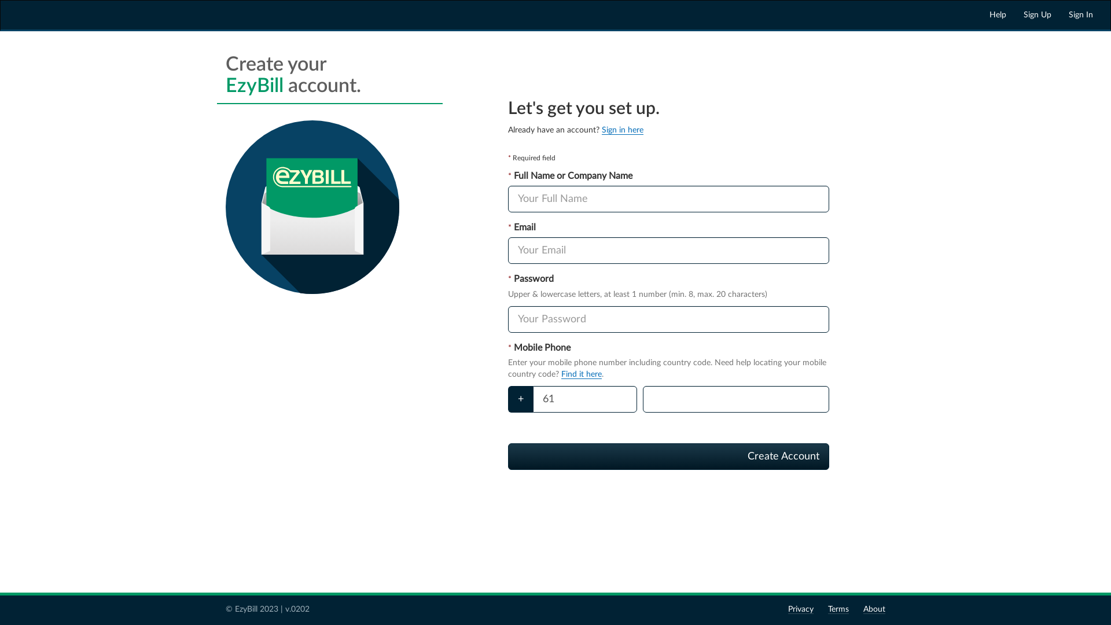 This screenshot has width=1111, height=625. Describe the element at coordinates (1080, 15) in the screenshot. I see `'Sign In'` at that location.